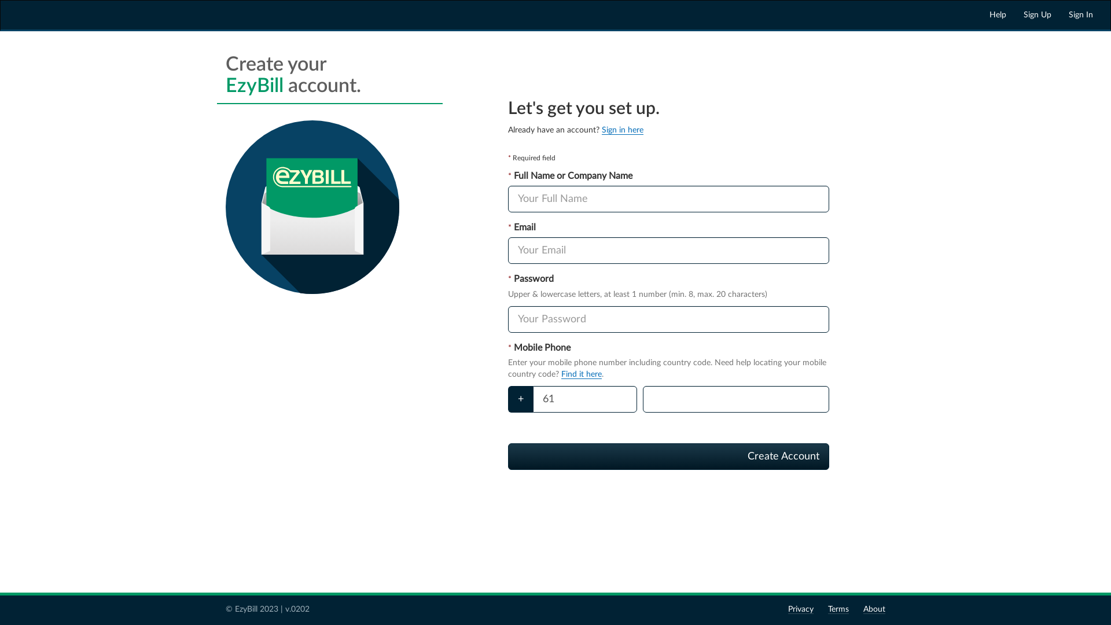 This screenshot has width=1111, height=625. Describe the element at coordinates (1080, 15) in the screenshot. I see `'Sign In'` at that location.